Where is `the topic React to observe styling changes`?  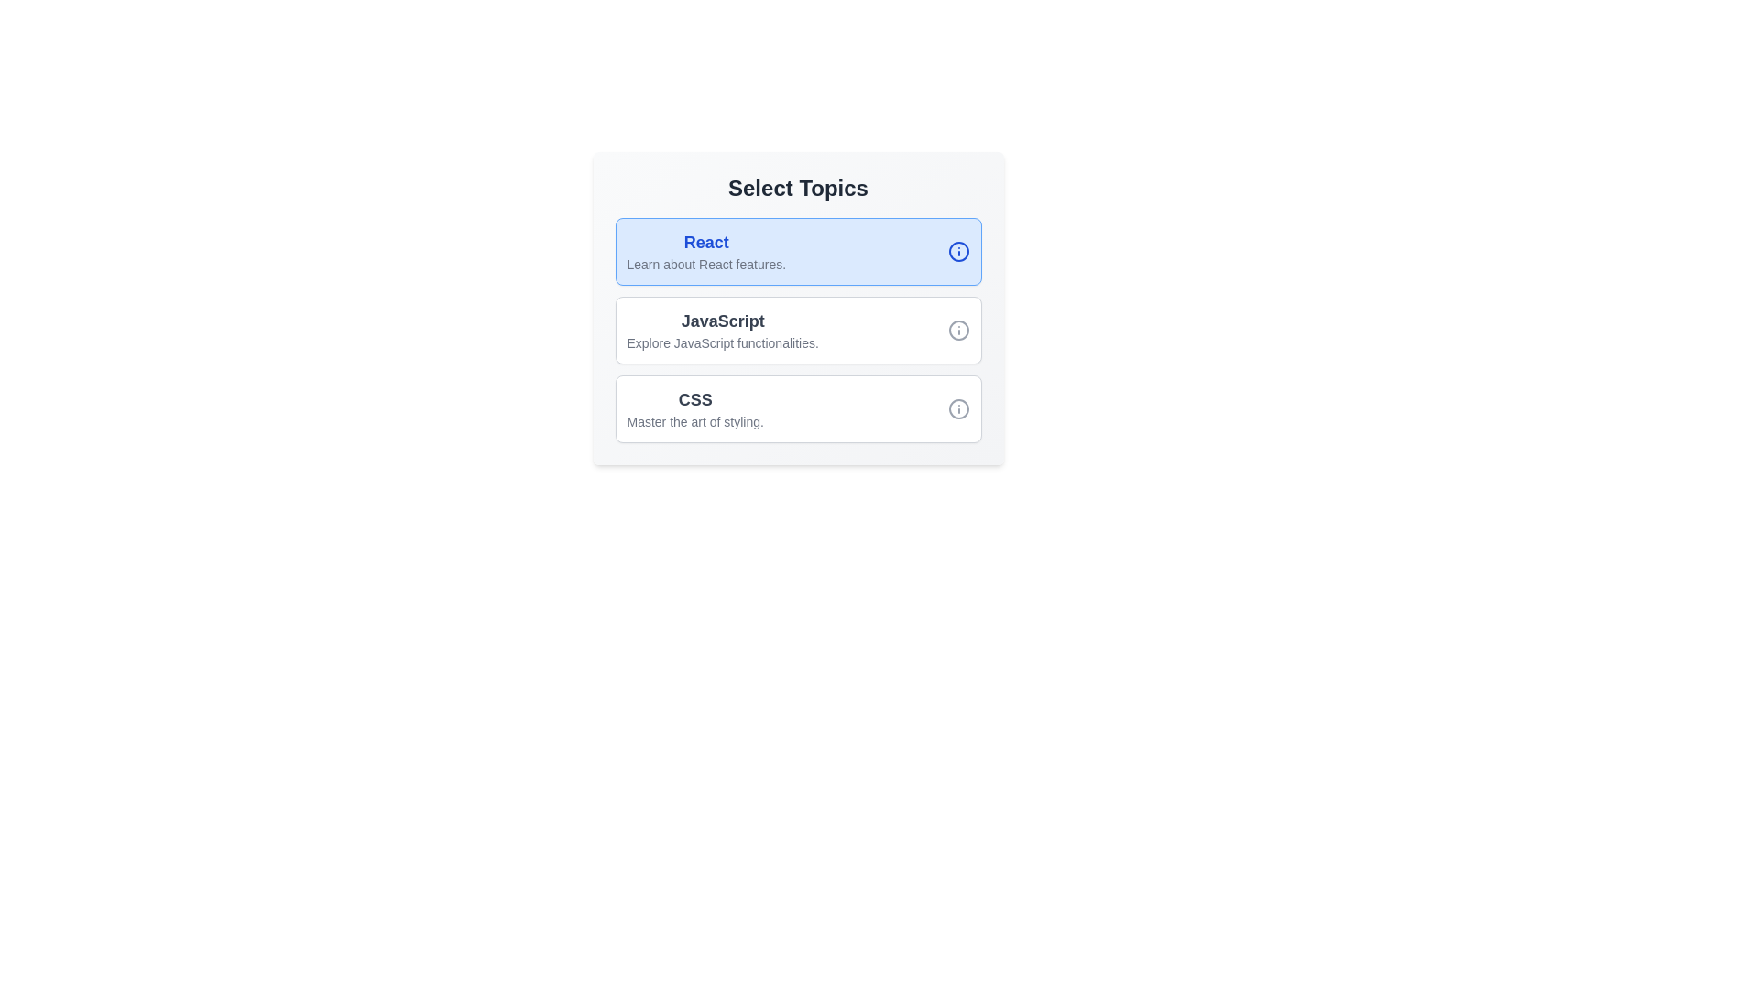
the topic React to observe styling changes is located at coordinates (705, 251).